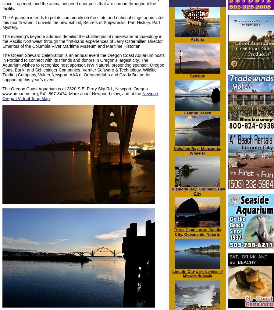  What do you see at coordinates (197, 113) in the screenshot?
I see `'Cannon 
                Beach'` at bounding box center [197, 113].